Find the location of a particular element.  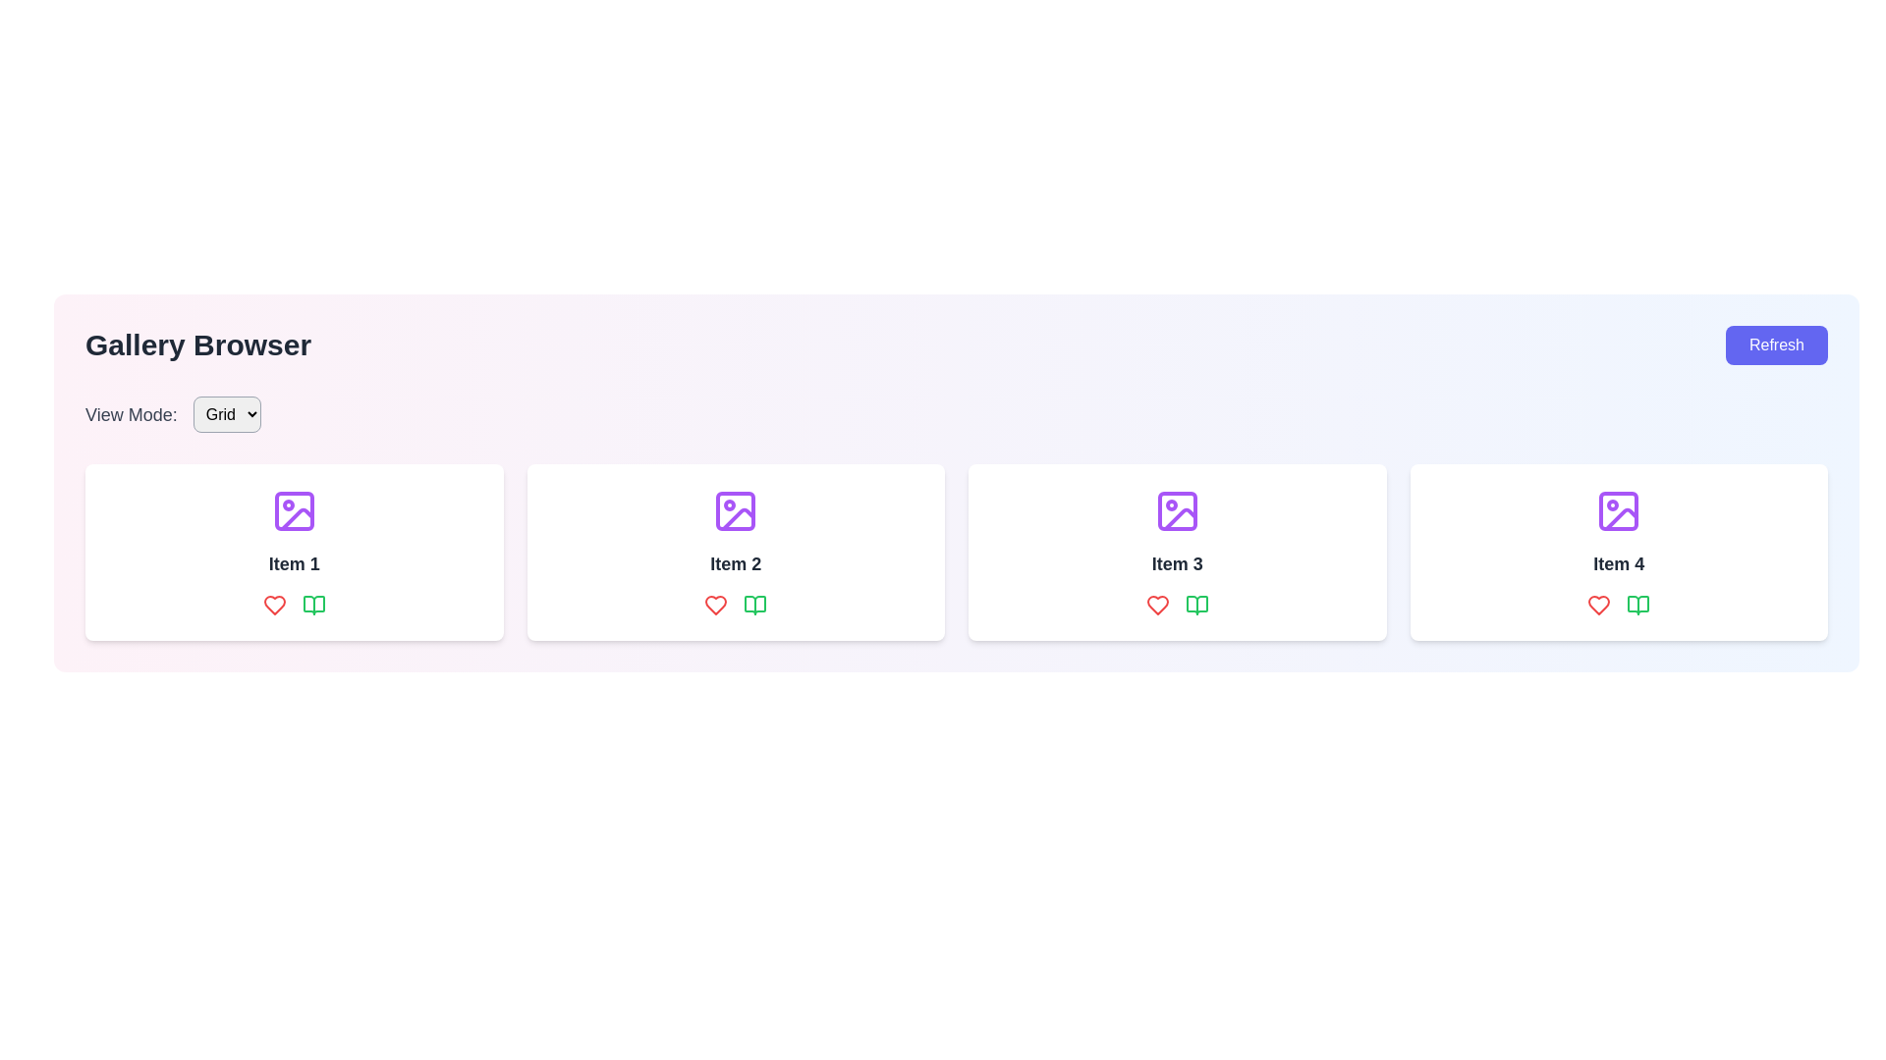

the 'Refresh' button with a vibrant indigo background and white text is located at coordinates (1777, 344).